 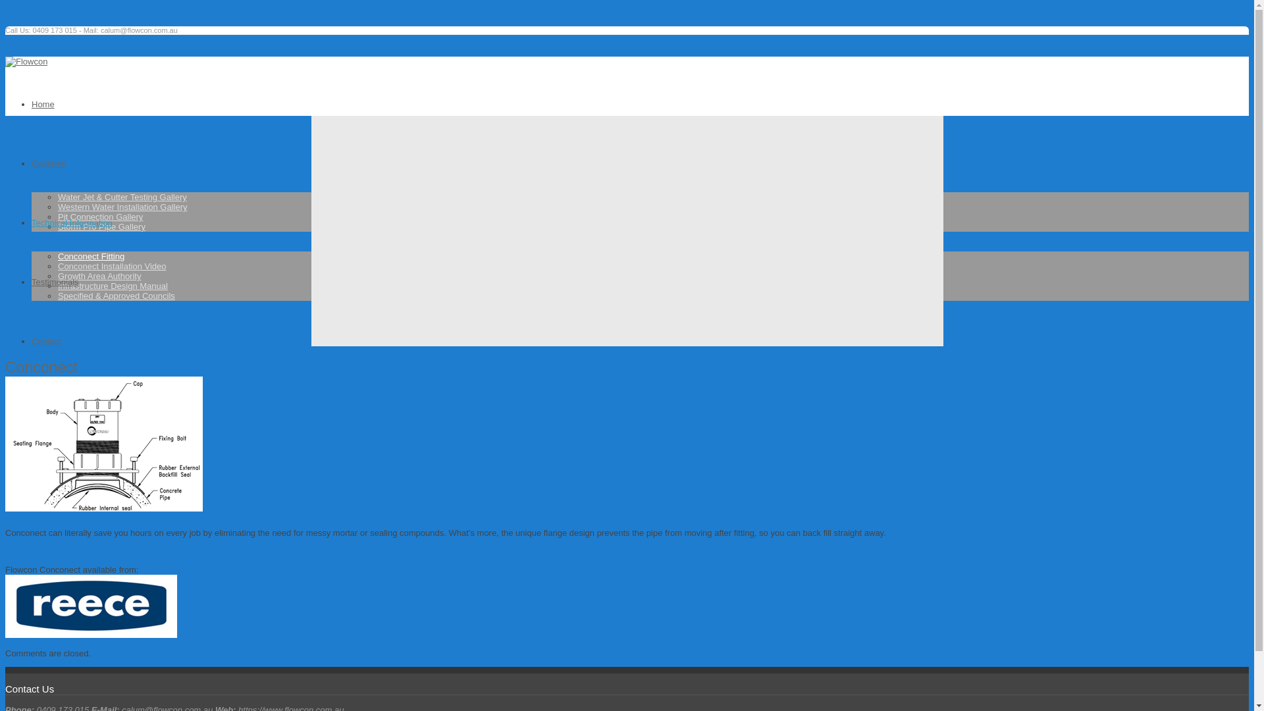 I want to click on 'Growth Area Authority', so click(x=98, y=275).